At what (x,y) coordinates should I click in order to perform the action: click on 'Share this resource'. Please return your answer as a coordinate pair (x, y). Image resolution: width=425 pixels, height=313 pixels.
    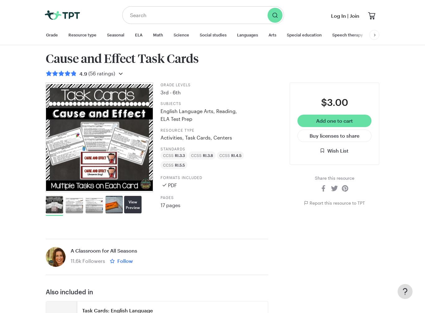
    Looking at the image, I should click on (334, 178).